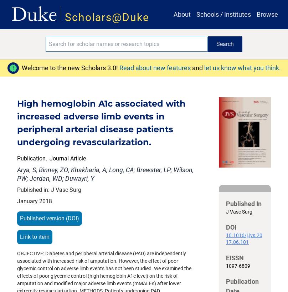 The image size is (288, 292). Describe the element at coordinates (105, 173) in the screenshot. I see `'Arya, S; Binney, ZO; Khakharia, A; Long, CA; Brewster, LP; Wilson, PW; Jordan, WD; Duwayri, Y'` at that location.